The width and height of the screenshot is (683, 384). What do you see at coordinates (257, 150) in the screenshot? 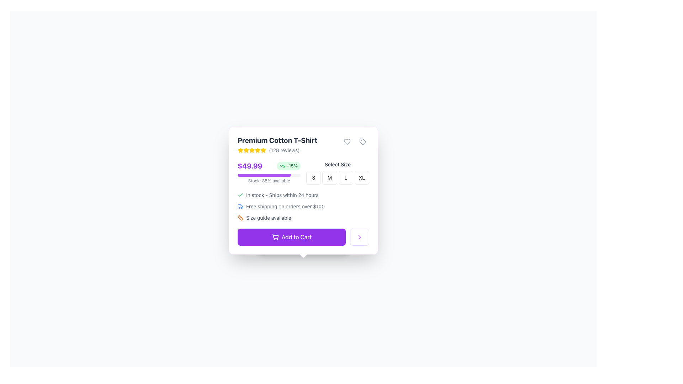
I see `the second star icon, styled with a yellow fill, located above the price display block for the 'Premium Cotton T-Shirt'` at bounding box center [257, 150].